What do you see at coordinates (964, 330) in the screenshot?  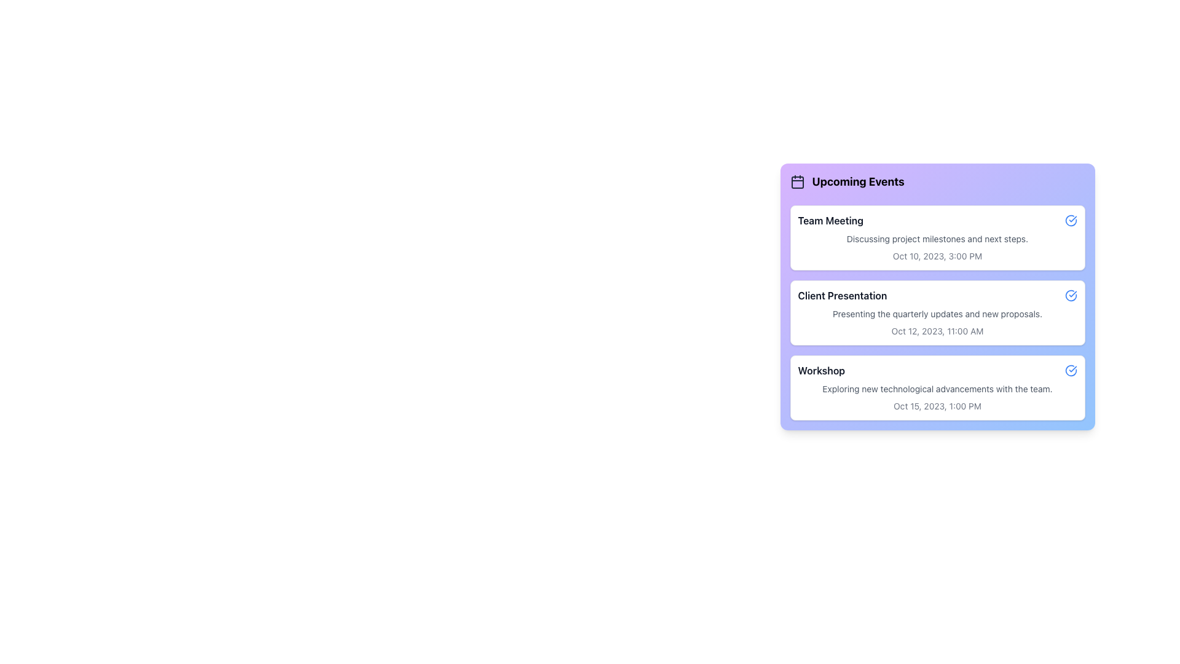 I see `the static text label displaying the time value '11:00 AM' located in the 'Upcoming Events' section under 'Client Presentation'` at bounding box center [964, 330].